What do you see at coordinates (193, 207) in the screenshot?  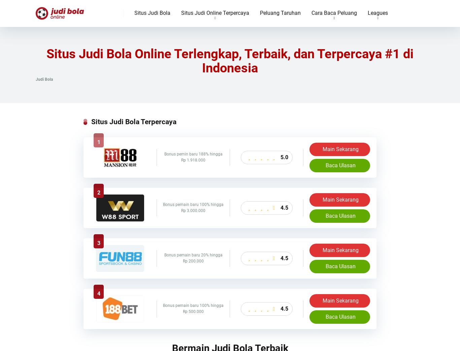 I see `'Bonus pemain baru 100% hingga Rp 3.000.000'` at bounding box center [193, 207].